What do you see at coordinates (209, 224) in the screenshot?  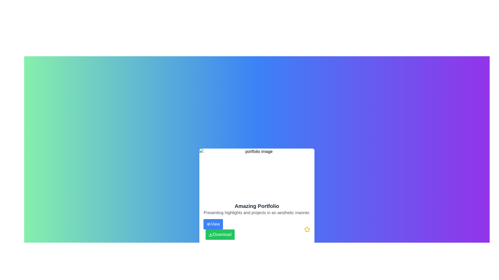 I see `the 'View' button located below the portfolio title and description section, which contains a small eye icon on the left side of the text 'View'` at bounding box center [209, 224].